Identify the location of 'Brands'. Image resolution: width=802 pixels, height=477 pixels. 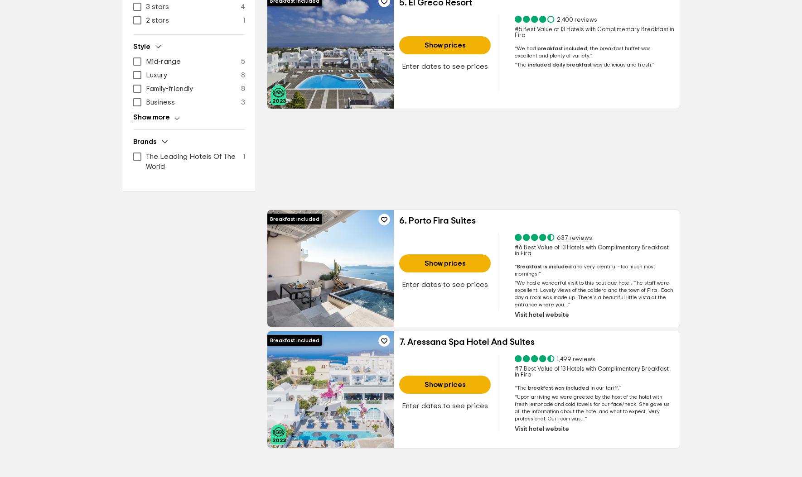
(145, 140).